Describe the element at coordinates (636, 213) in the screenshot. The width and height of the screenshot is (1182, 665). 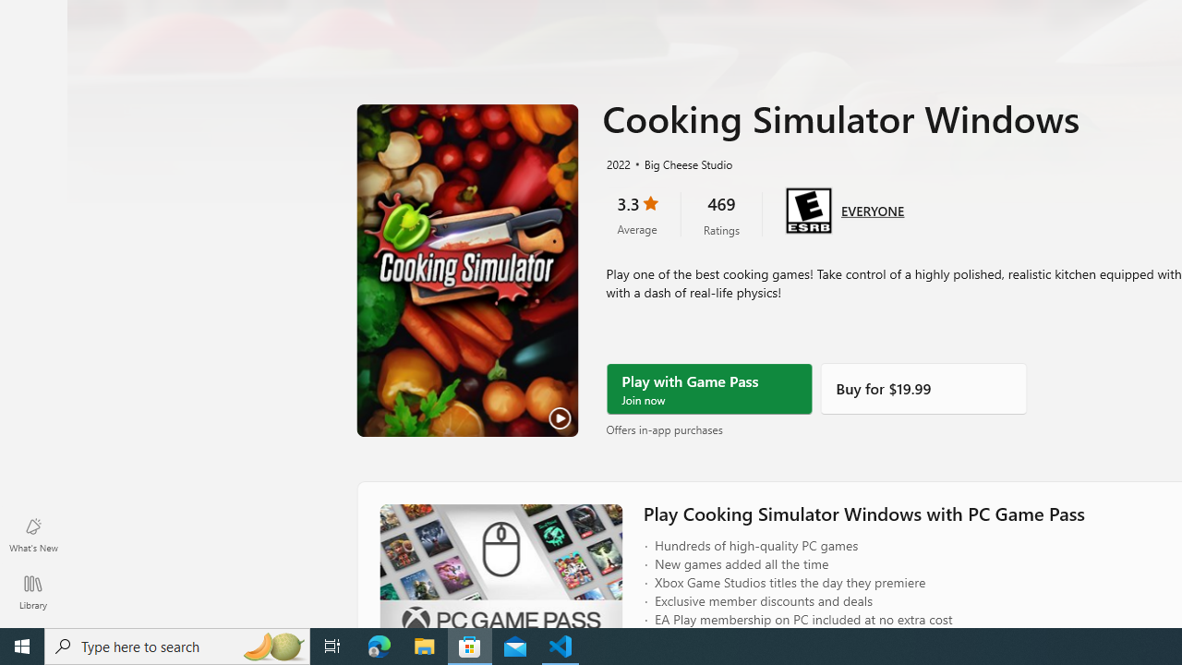
I see `'3.3 stars. Click to skip to ratings and reviews'` at that location.